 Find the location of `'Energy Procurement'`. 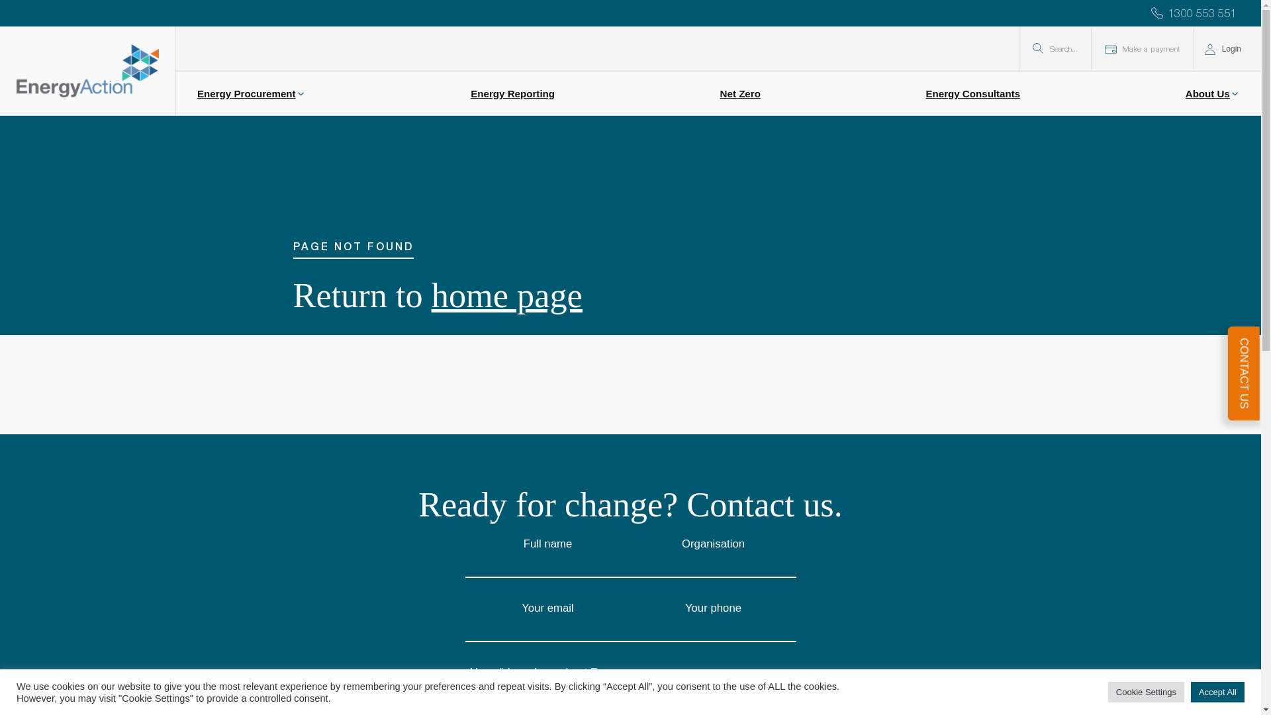

'Energy Procurement' is located at coordinates (251, 93).